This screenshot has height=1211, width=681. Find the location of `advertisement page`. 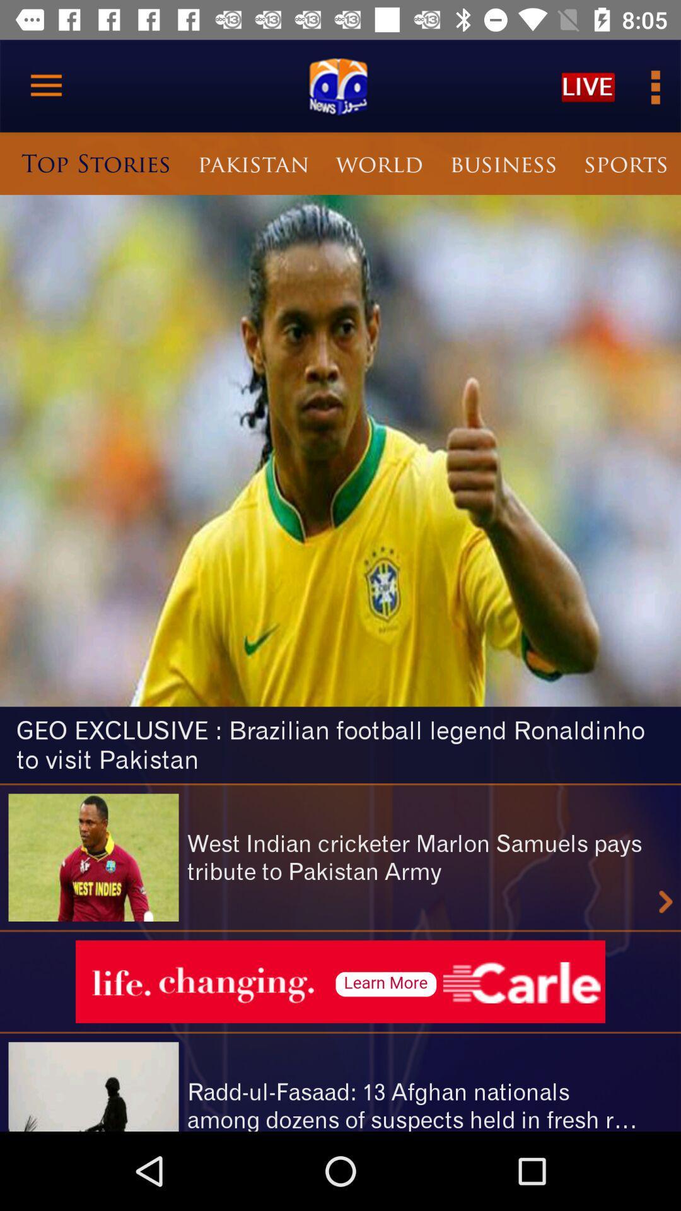

advertisement page is located at coordinates (340, 981).